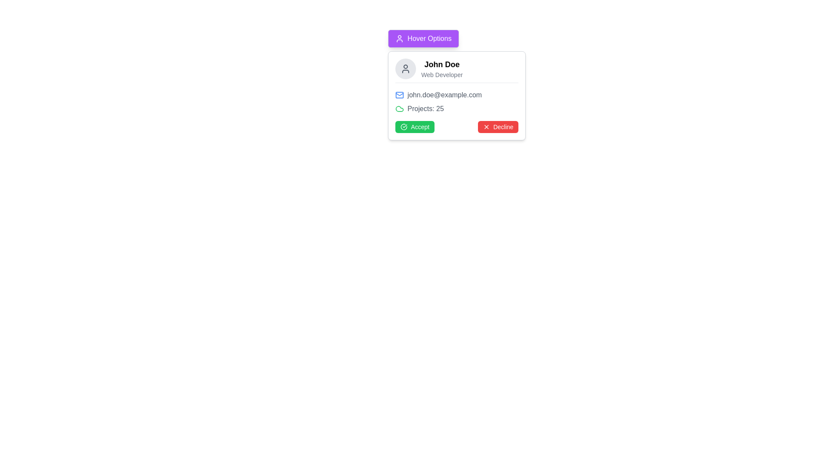 The image size is (826, 465). What do you see at coordinates (456, 95) in the screenshot?
I see `the non-interactive display of the email address for the user 'John Doe', which is positioned in the upper half of the card component` at bounding box center [456, 95].